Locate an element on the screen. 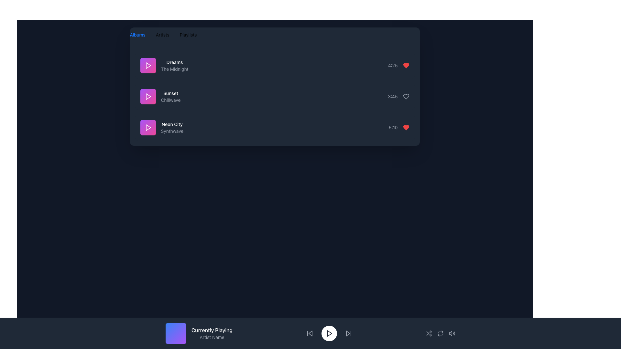 The height and width of the screenshot is (349, 621). the triangular forward-facing play icon located at the bottom center of the interface to play the audio track is located at coordinates (329, 333).